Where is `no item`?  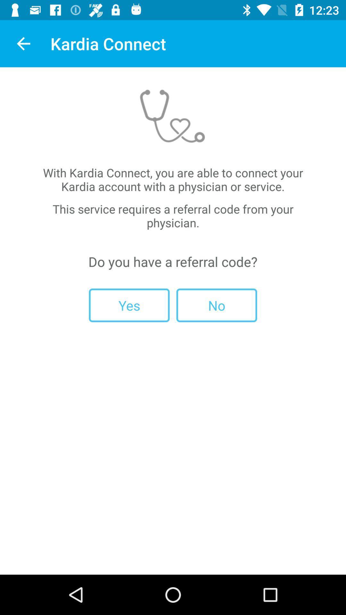
no item is located at coordinates (216, 305).